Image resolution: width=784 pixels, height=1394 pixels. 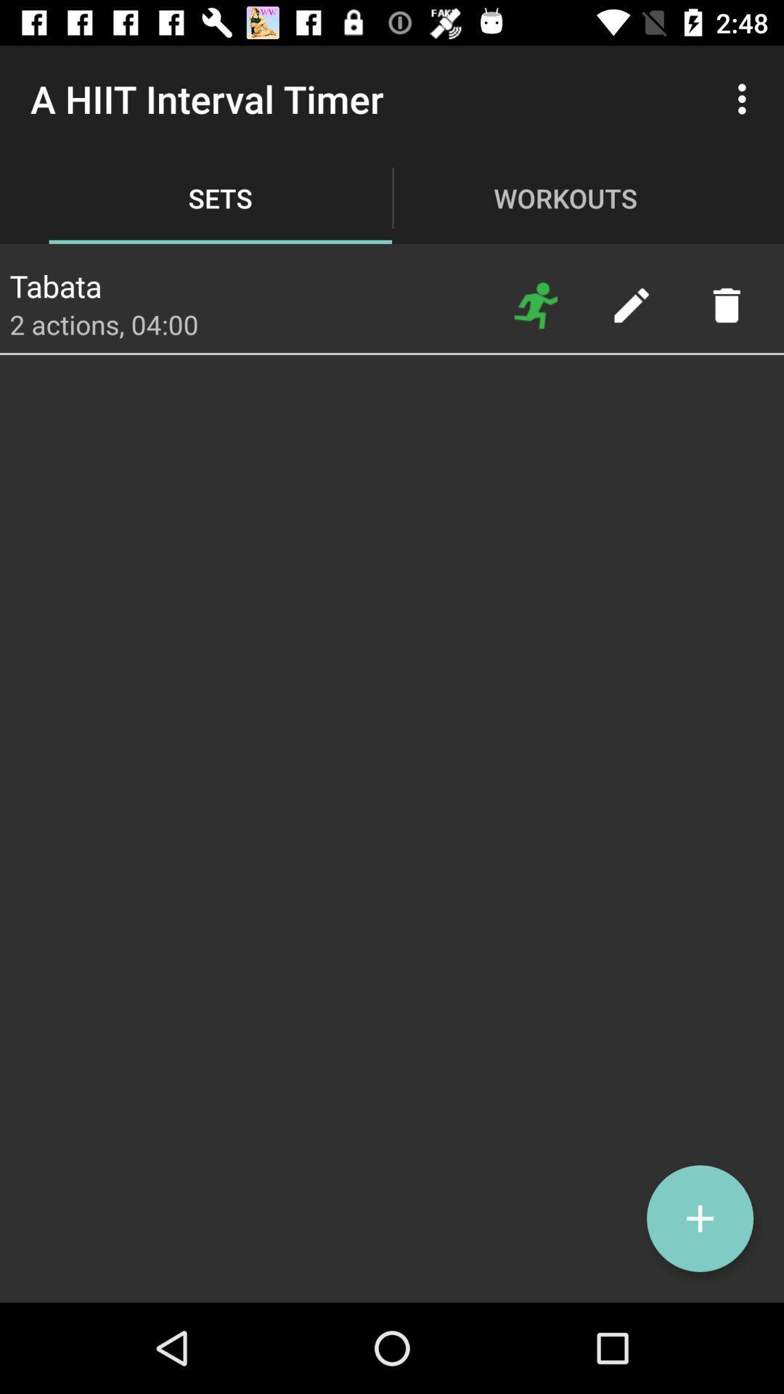 What do you see at coordinates (699, 1218) in the screenshot?
I see `the add icon` at bounding box center [699, 1218].